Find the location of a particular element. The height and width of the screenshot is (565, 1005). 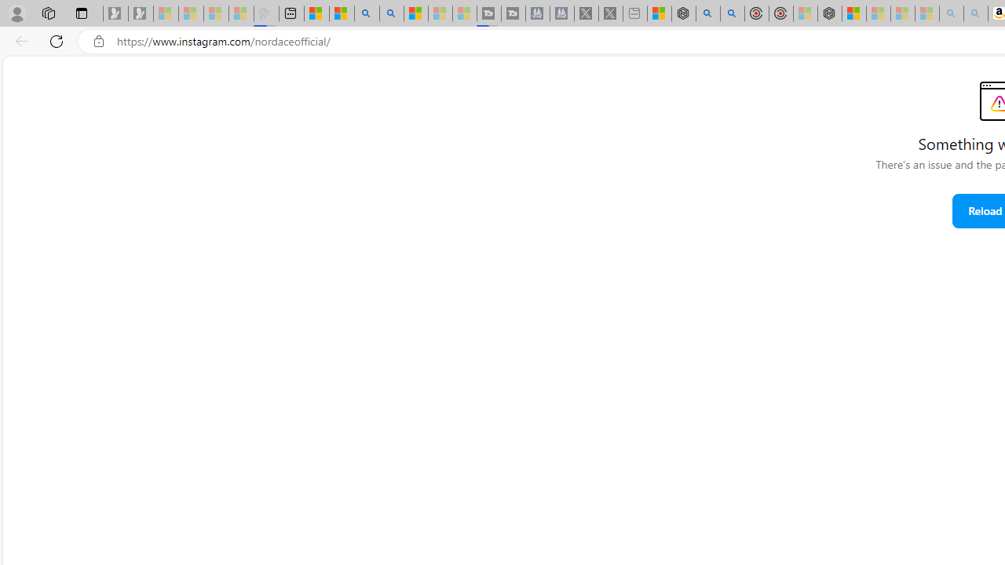

'Newsletter Sign Up - Sleeping' is located at coordinates (141, 13).